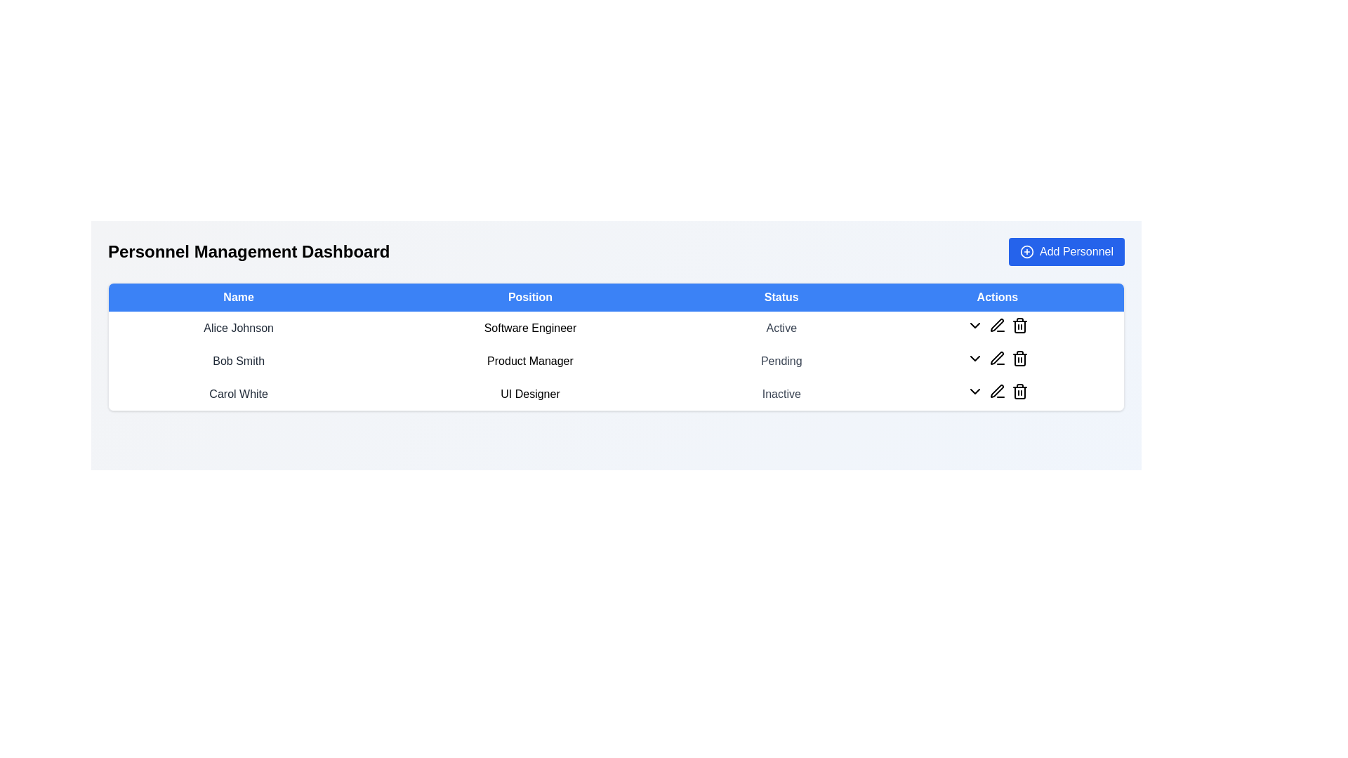 The width and height of the screenshot is (1348, 758). What do you see at coordinates (996, 357) in the screenshot?
I see `the Edit button in the Actions column of the second row for the personnel entry associated with 'Bob Smith, Product Manager, Pending' to initiate the edit action` at bounding box center [996, 357].